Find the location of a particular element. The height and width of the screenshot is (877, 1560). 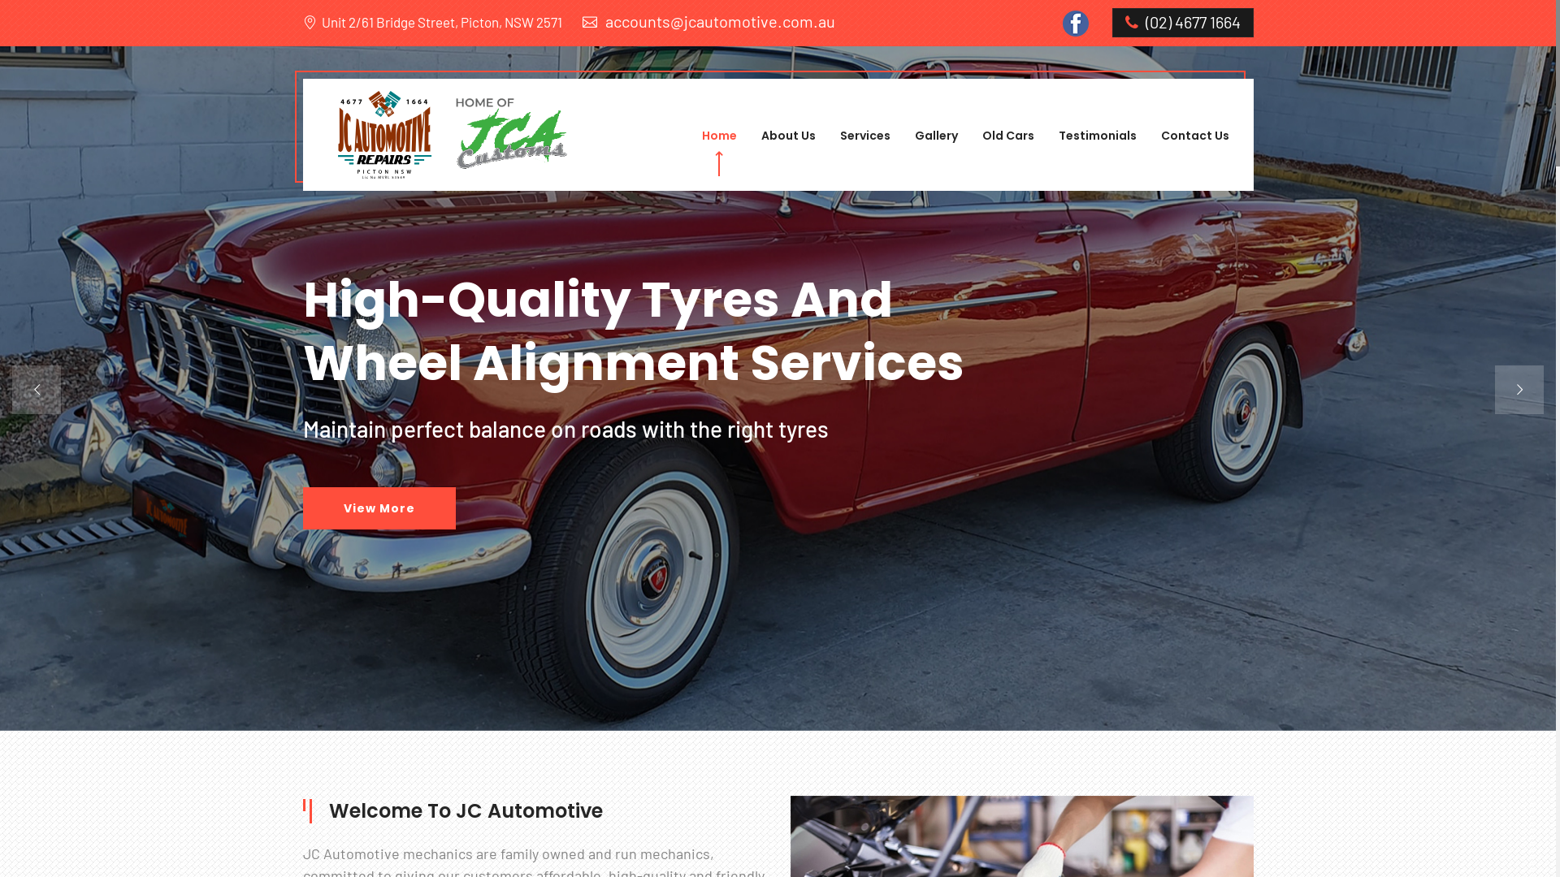

'Services' is located at coordinates (864, 134).